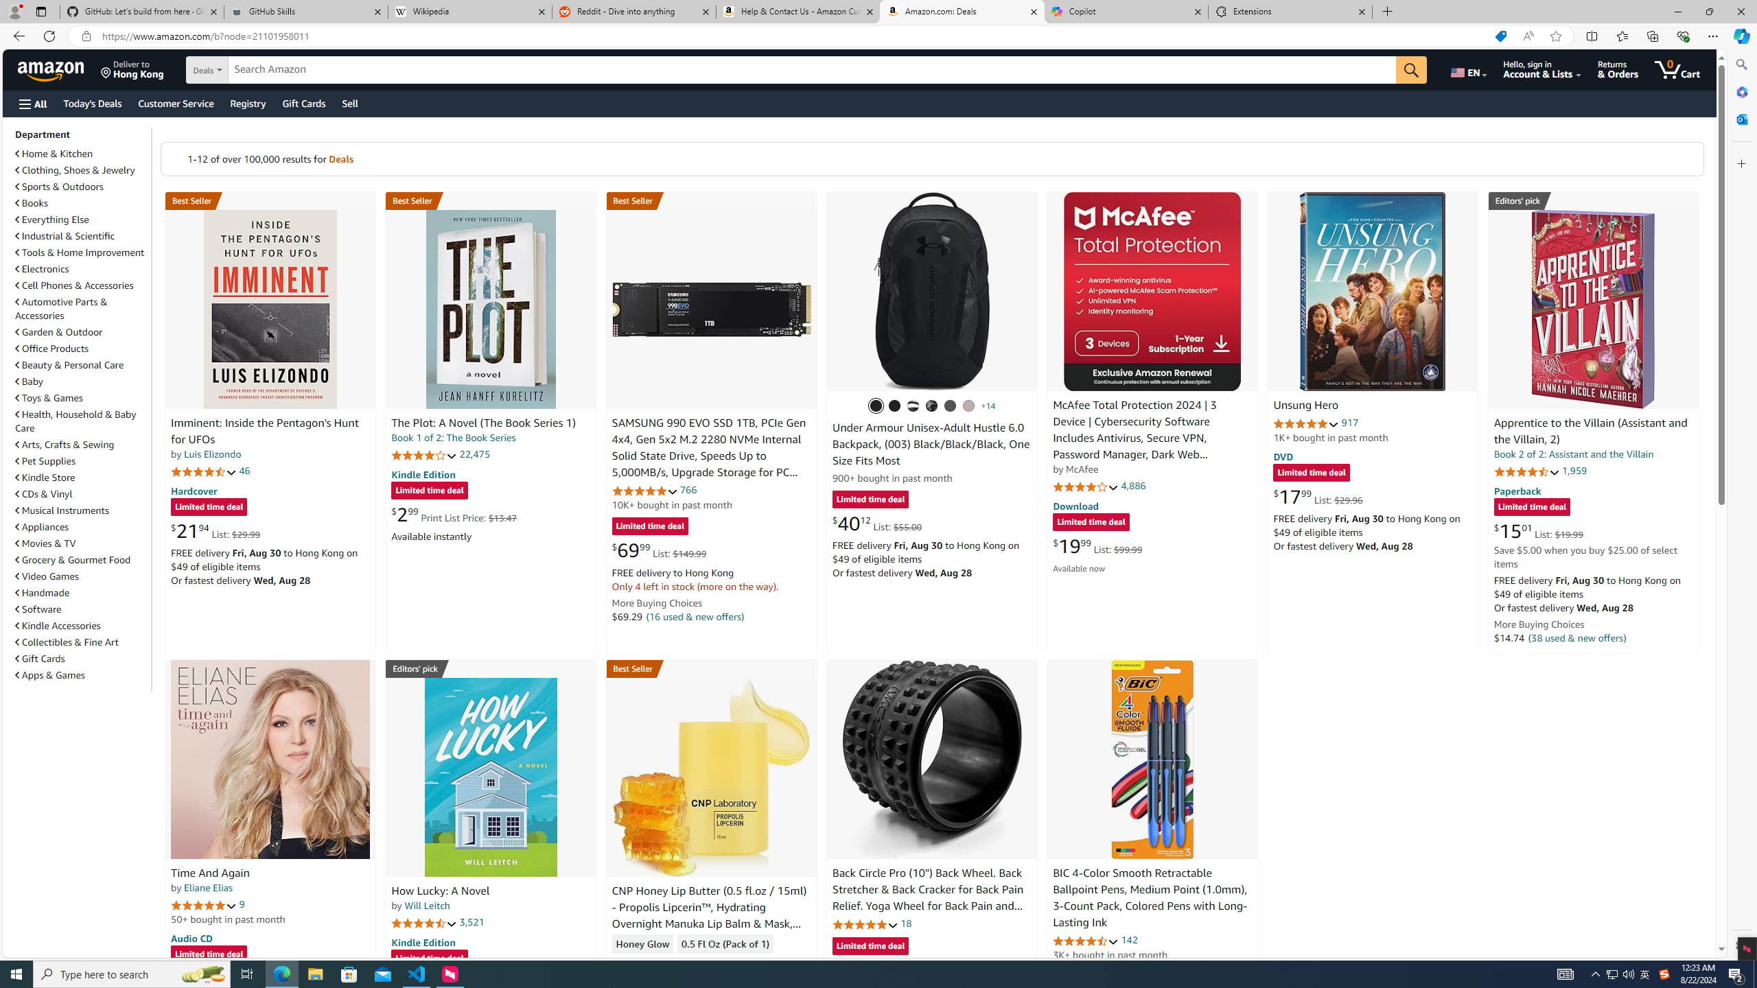 The height and width of the screenshot is (988, 1757). Describe the element at coordinates (1130, 940) in the screenshot. I see `'142'` at that location.